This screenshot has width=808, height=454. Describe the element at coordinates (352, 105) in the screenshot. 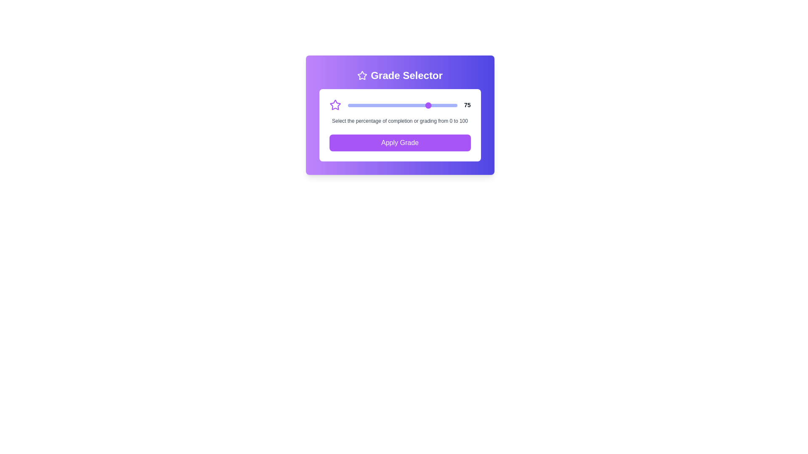

I see `the slider` at that location.